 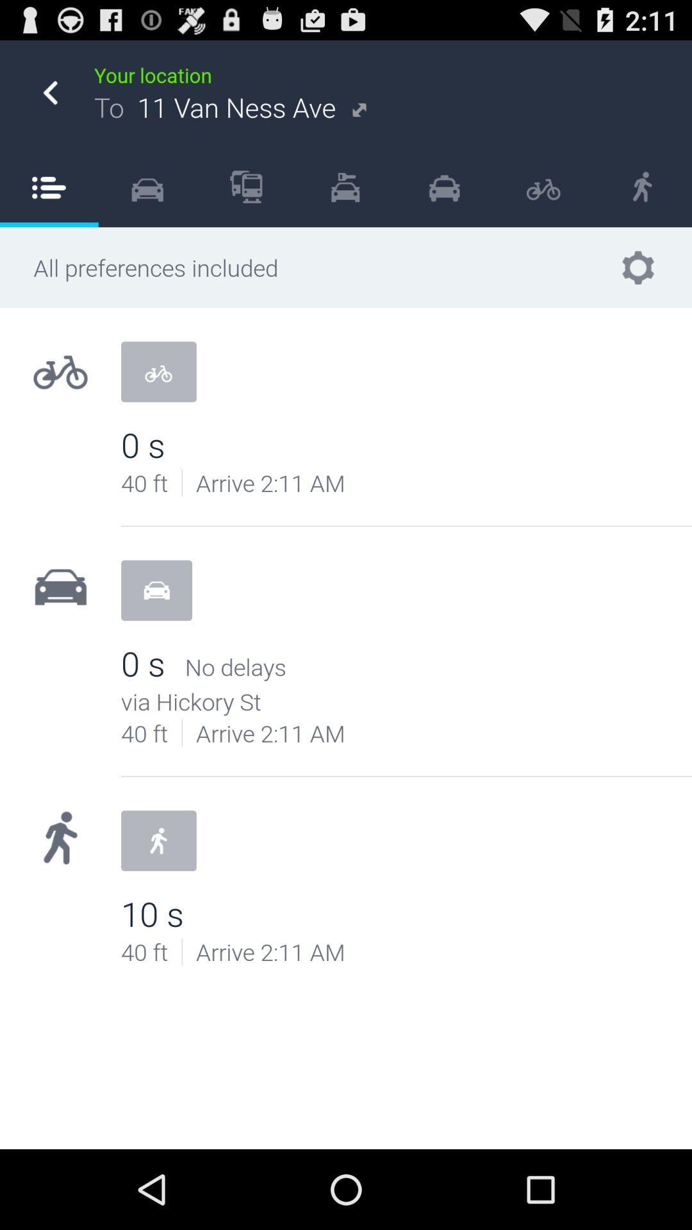 What do you see at coordinates (49, 99) in the screenshot?
I see `the arrow_backward icon` at bounding box center [49, 99].